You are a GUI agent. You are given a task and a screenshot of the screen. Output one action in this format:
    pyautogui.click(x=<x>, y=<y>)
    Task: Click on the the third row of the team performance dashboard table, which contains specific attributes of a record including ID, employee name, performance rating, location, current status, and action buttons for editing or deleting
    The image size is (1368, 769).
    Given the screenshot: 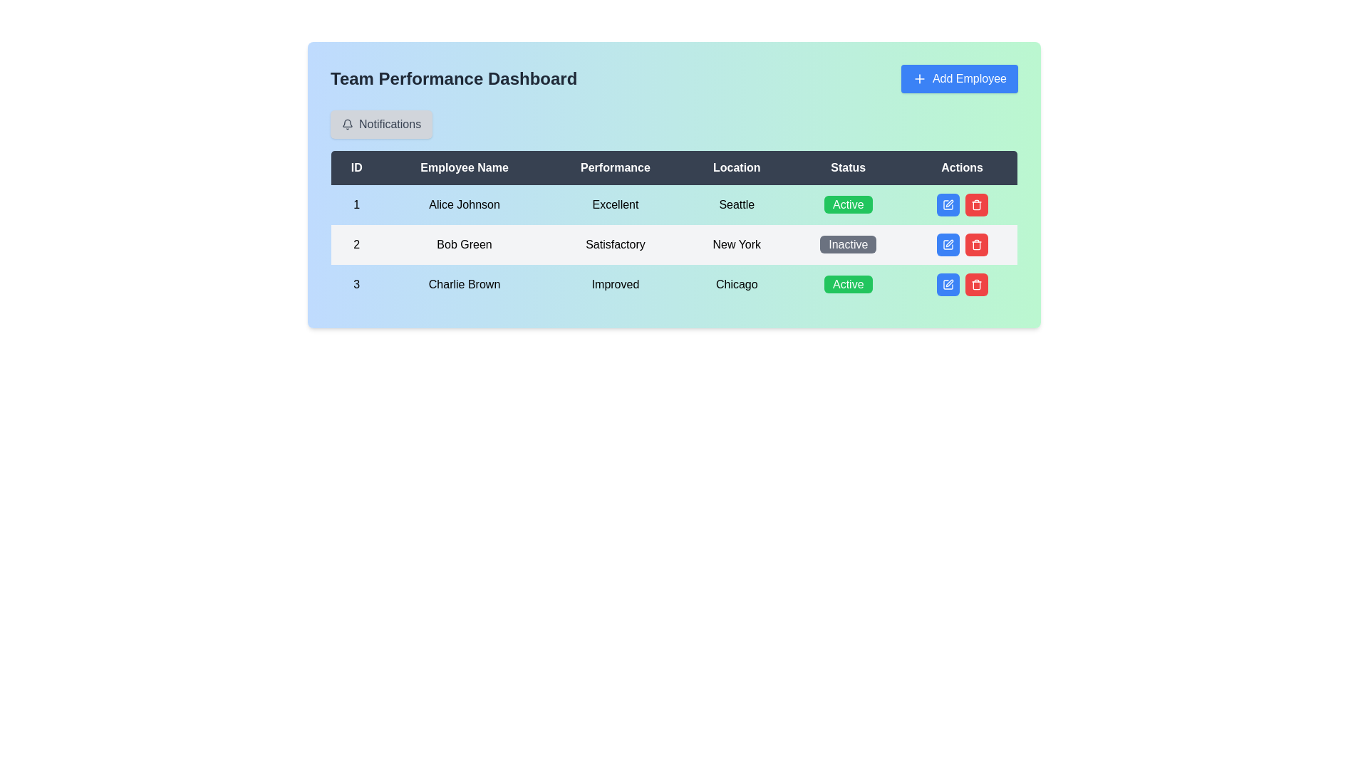 What is the action you would take?
    pyautogui.click(x=673, y=285)
    